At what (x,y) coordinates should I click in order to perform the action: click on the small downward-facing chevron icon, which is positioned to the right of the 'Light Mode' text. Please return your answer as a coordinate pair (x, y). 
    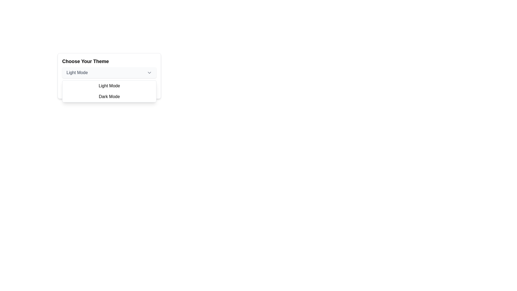
    Looking at the image, I should click on (149, 73).